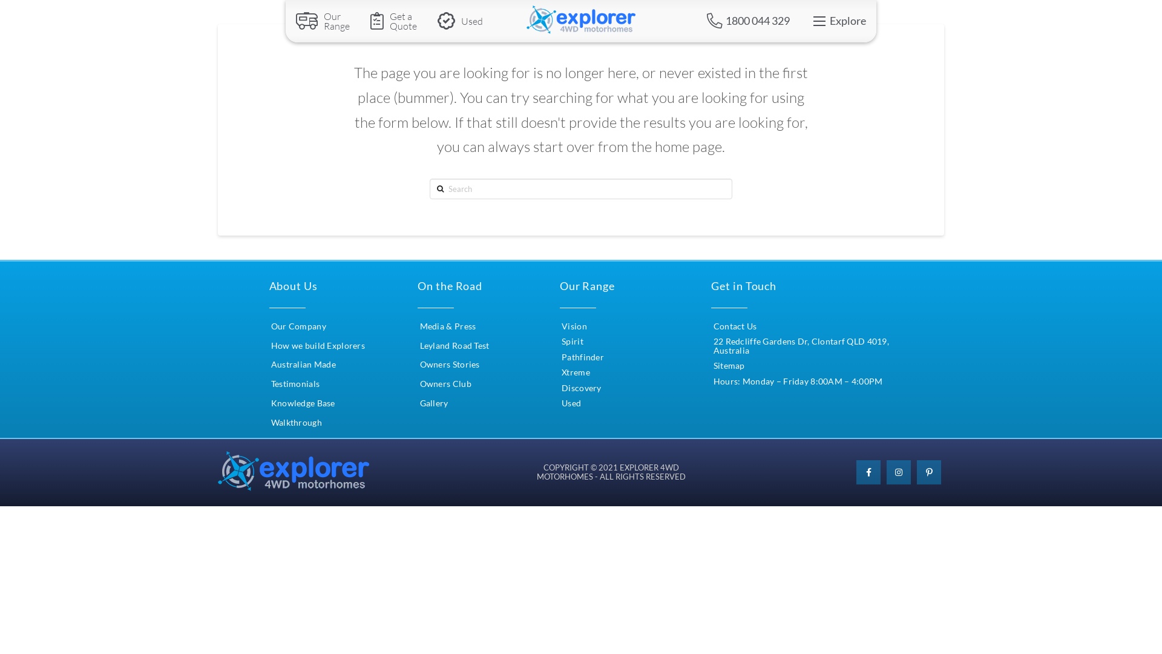 The height and width of the screenshot is (654, 1162). What do you see at coordinates (583, 357) in the screenshot?
I see `'Pathfinder'` at bounding box center [583, 357].